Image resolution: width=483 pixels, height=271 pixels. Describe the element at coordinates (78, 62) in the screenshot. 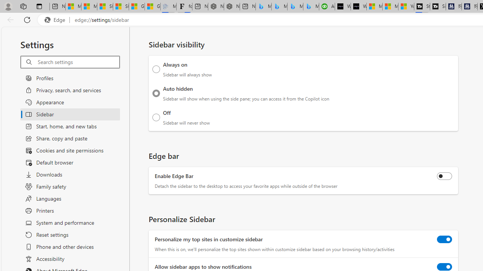

I see `'Search settings'` at that location.